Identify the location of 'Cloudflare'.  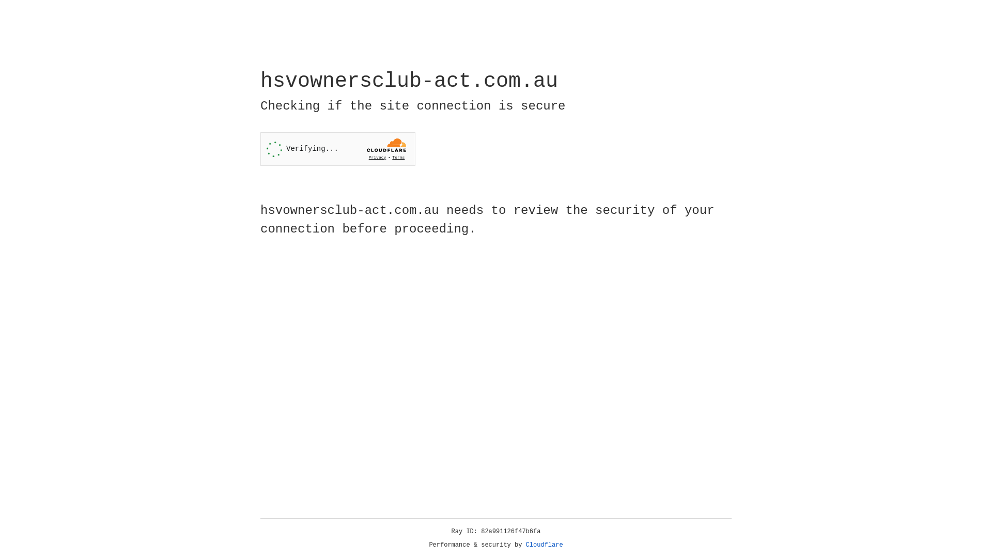
(544, 545).